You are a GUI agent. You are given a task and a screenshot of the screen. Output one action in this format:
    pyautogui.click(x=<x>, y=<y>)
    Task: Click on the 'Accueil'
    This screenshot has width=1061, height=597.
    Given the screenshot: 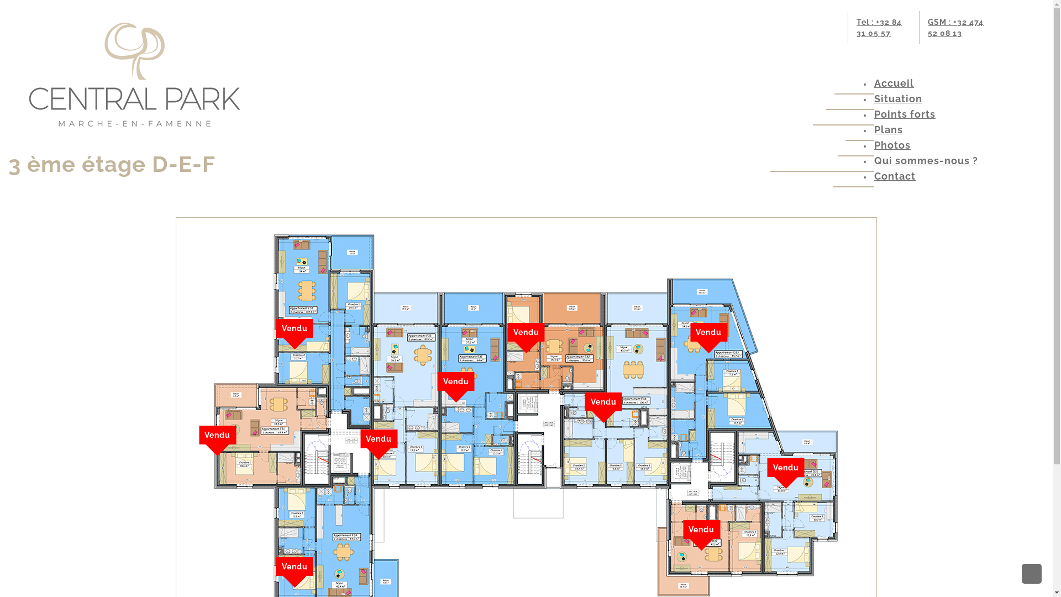 What is the action you would take?
    pyautogui.click(x=894, y=82)
    